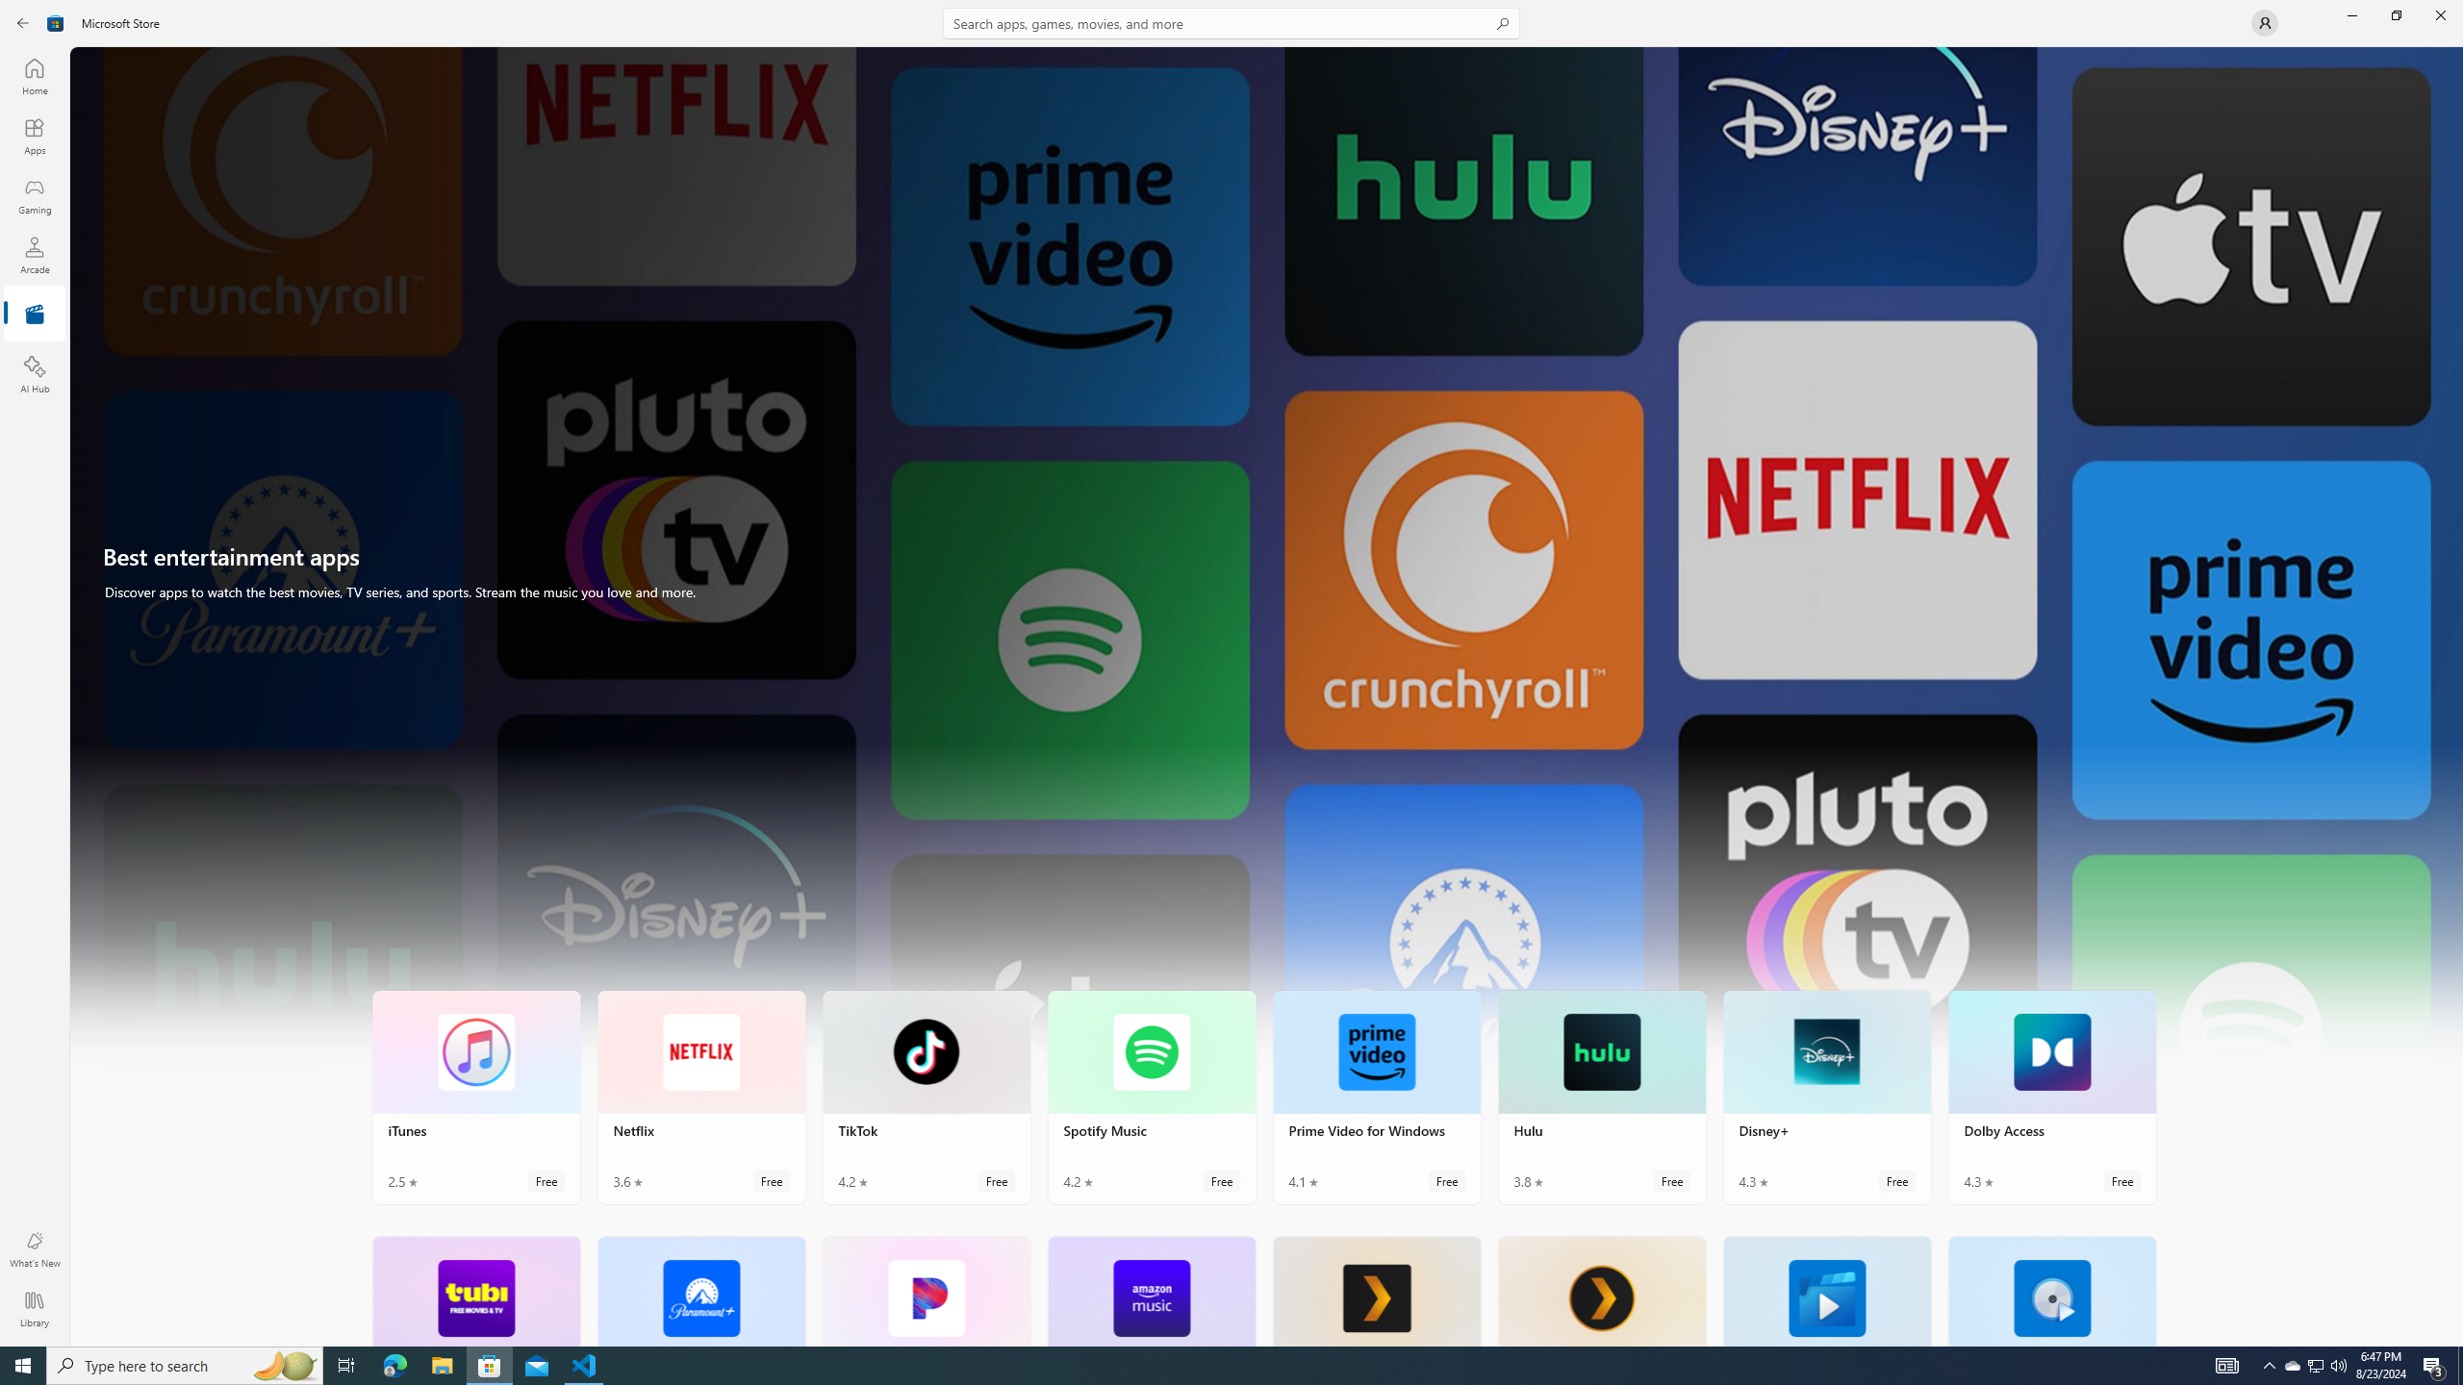 The image size is (2463, 1385). What do you see at coordinates (33, 136) in the screenshot?
I see `'Apps'` at bounding box center [33, 136].